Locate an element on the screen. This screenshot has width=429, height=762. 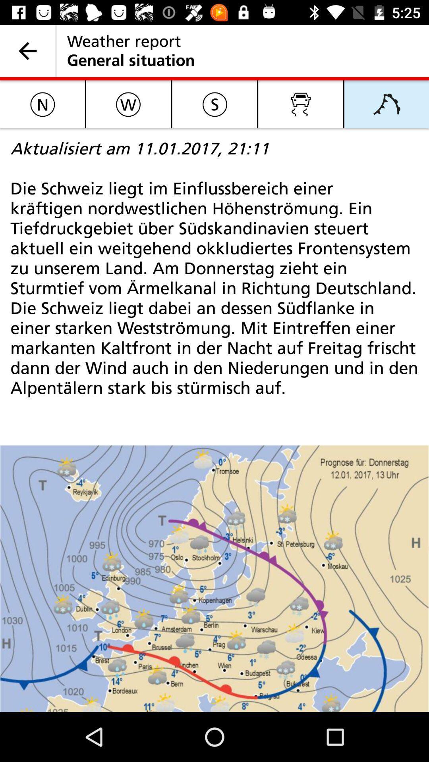
item above the aktualisiert am 11 item is located at coordinates (128, 104).